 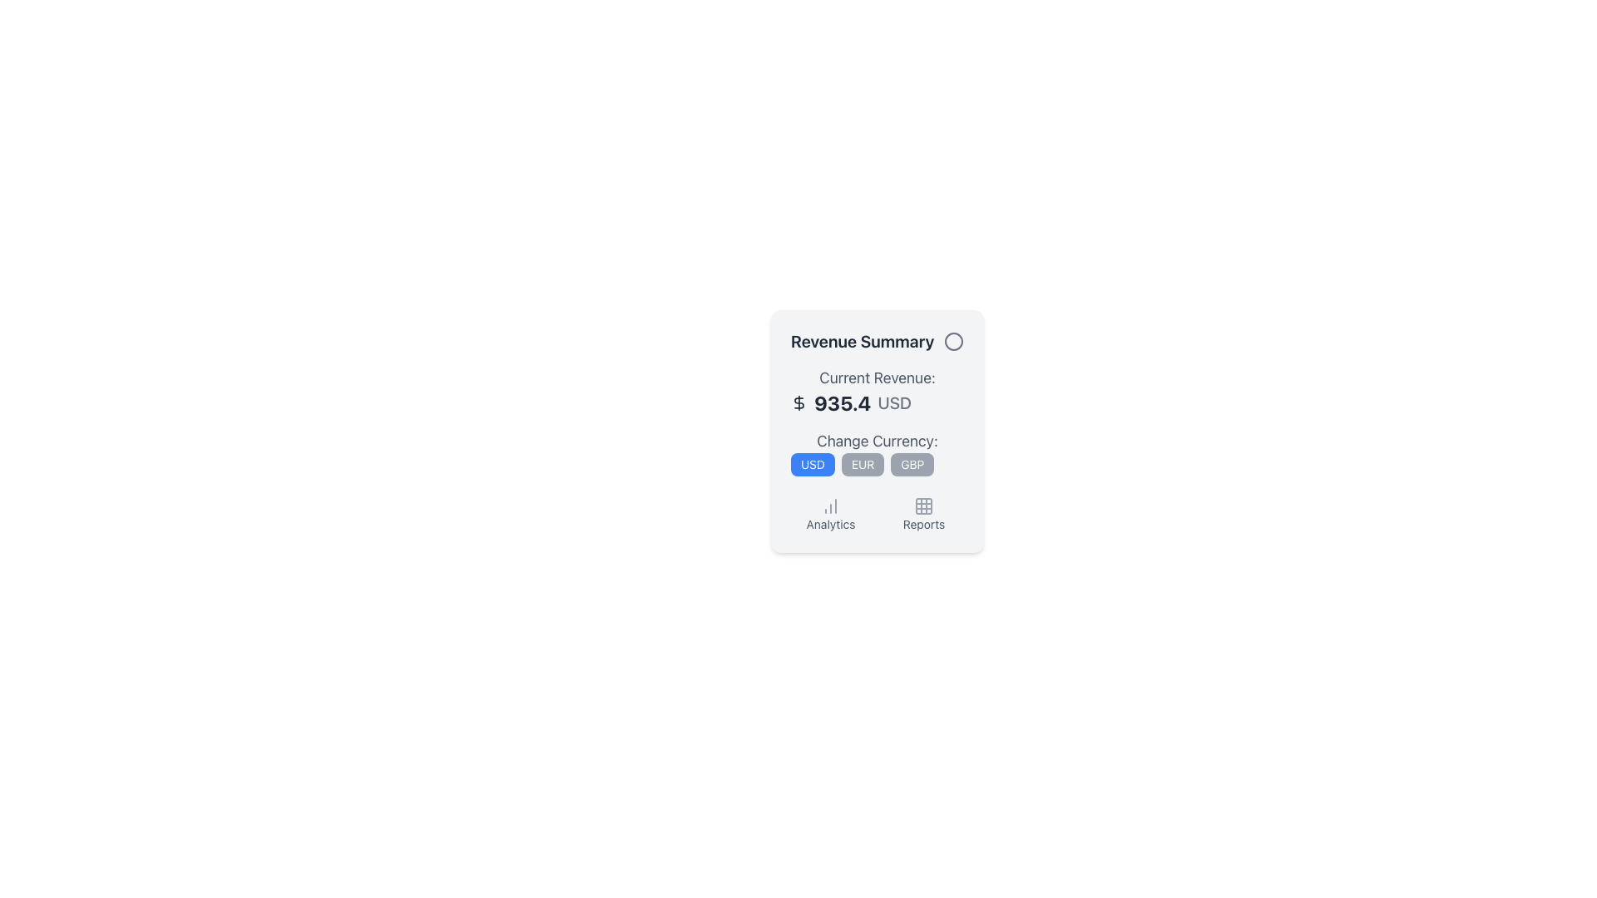 I want to click on the currency icon that indicates the monetary context of the adjacent numerical value, which is located to the far left of '935.4 USD' under the label 'Current Revenue:', so click(x=798, y=403).